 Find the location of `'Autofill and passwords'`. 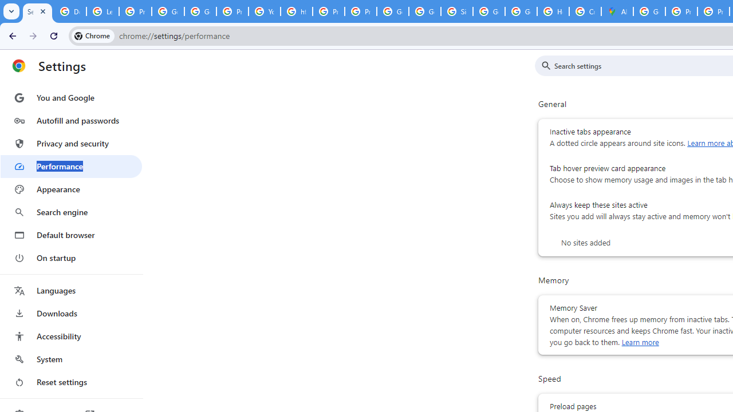

'Autofill and passwords' is located at coordinates (70, 120).